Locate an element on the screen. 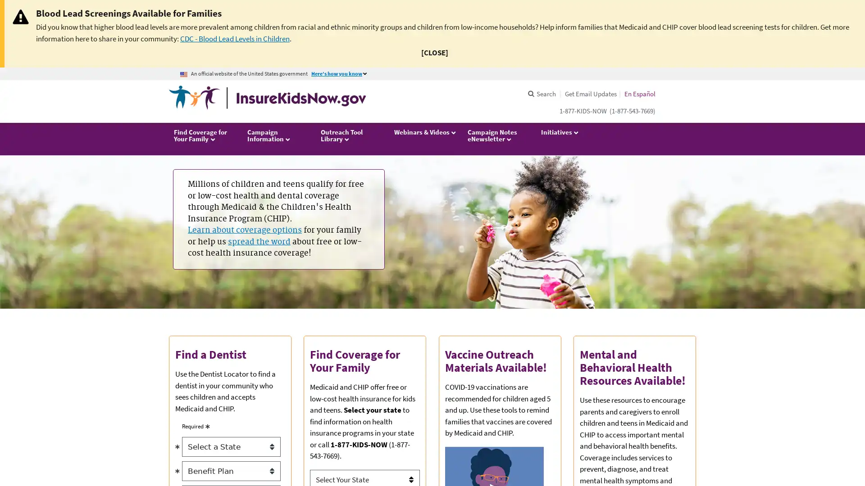  Search is located at coordinates (541, 94).